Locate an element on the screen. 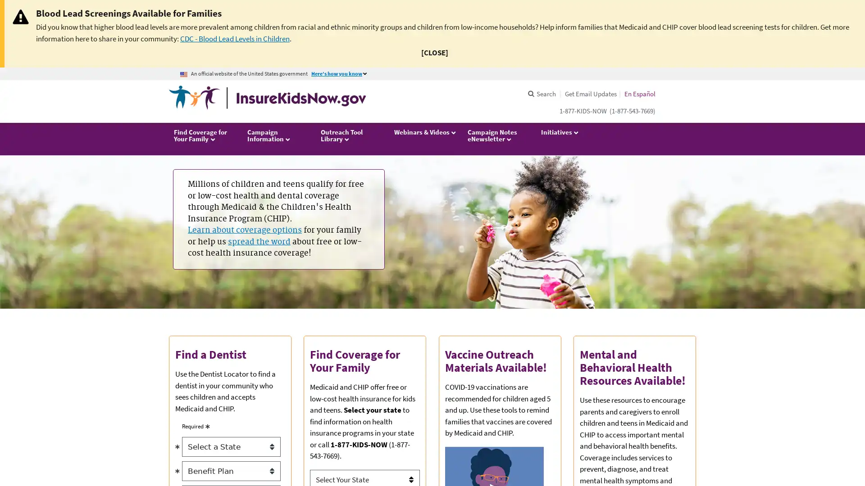  Search is located at coordinates (541, 94).